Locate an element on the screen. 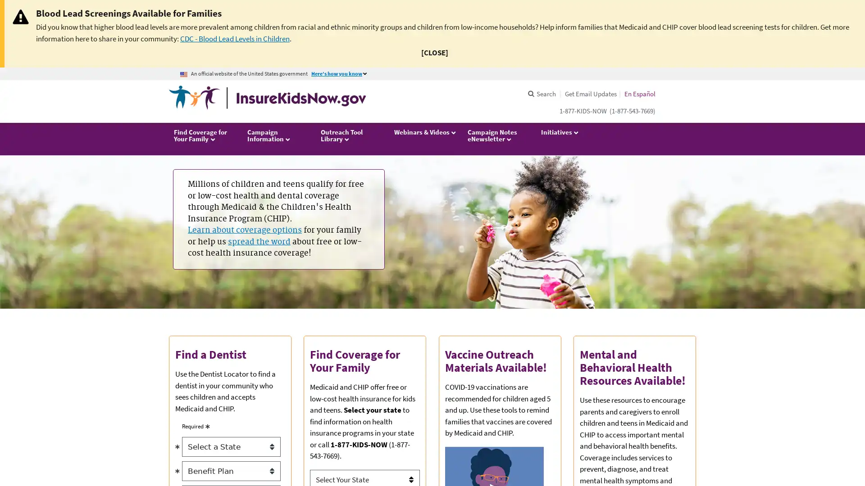  Search is located at coordinates (541, 94).